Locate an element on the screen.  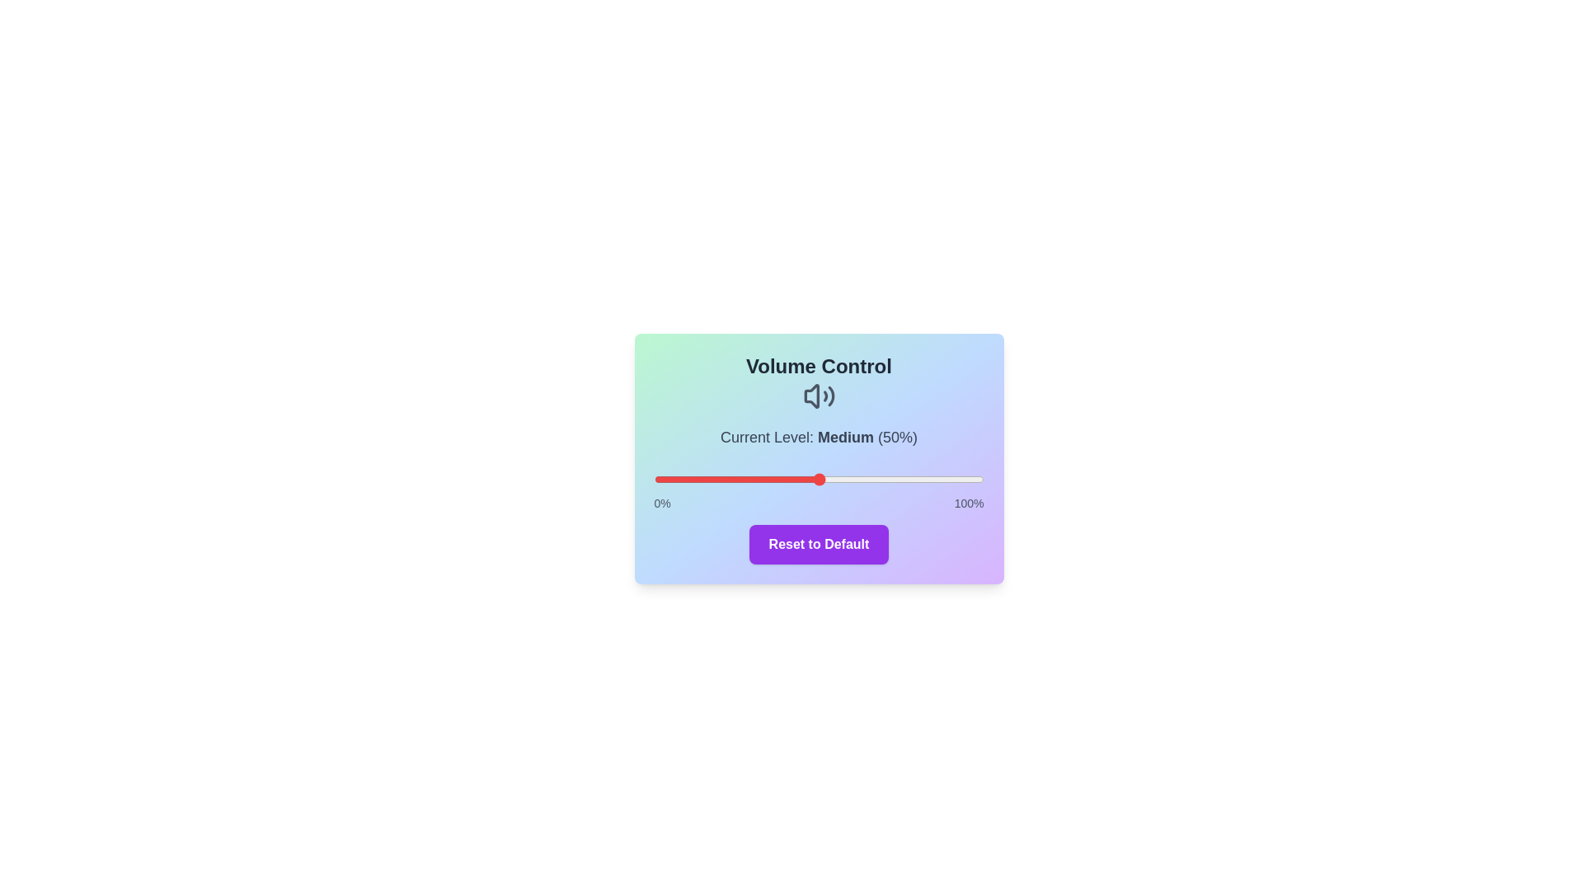
the volume to 70% by dragging the slider is located at coordinates (884, 480).